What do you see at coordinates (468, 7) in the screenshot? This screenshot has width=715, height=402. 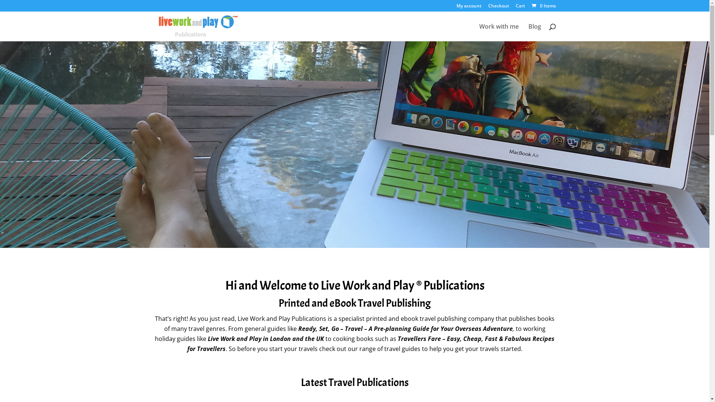 I see `'My account'` at bounding box center [468, 7].